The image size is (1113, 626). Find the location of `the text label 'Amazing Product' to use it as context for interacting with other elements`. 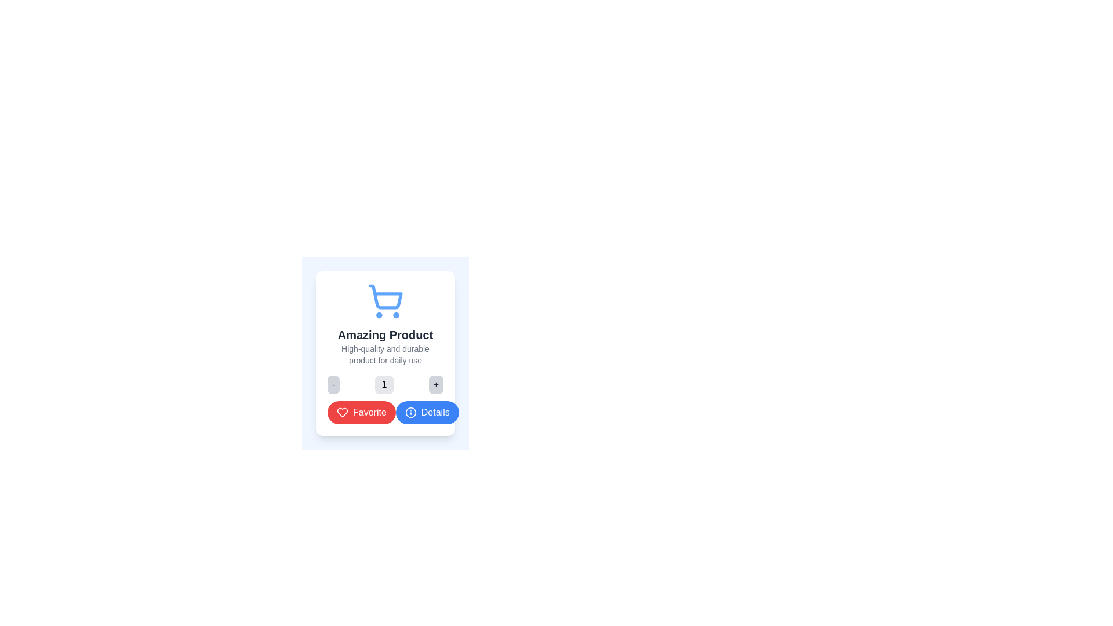

the text label 'Amazing Product' to use it as context for interacting with other elements is located at coordinates (385, 335).